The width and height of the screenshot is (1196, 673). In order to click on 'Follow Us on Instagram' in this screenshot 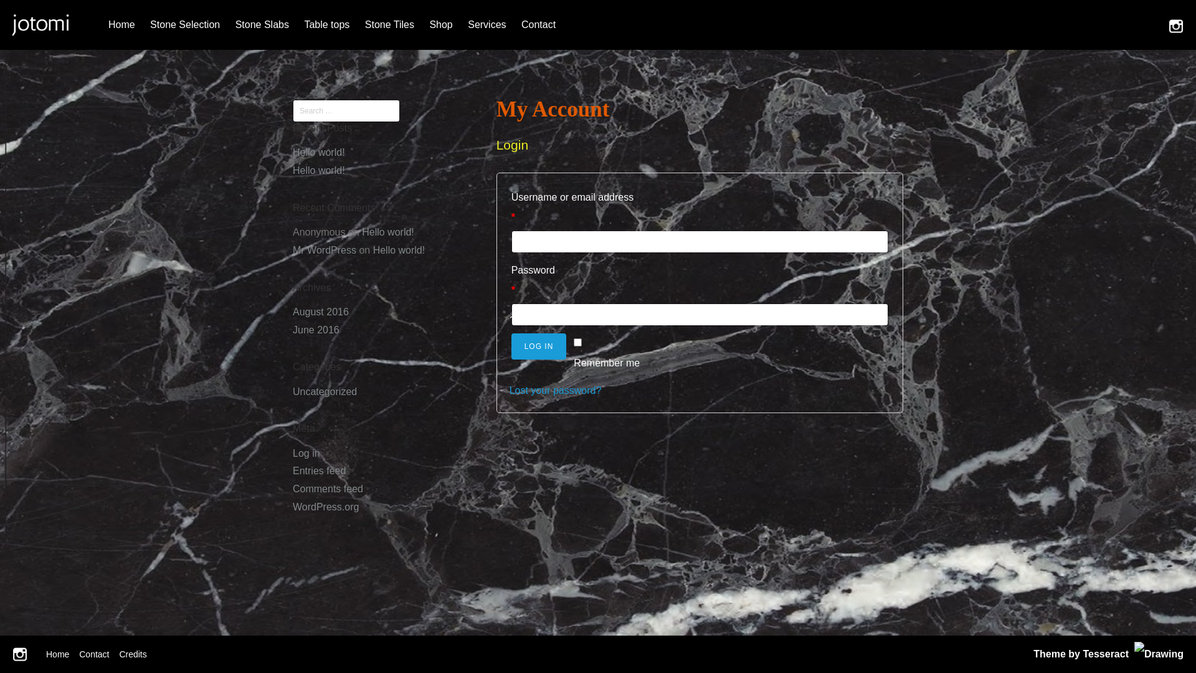, I will do `click(12, 653)`.